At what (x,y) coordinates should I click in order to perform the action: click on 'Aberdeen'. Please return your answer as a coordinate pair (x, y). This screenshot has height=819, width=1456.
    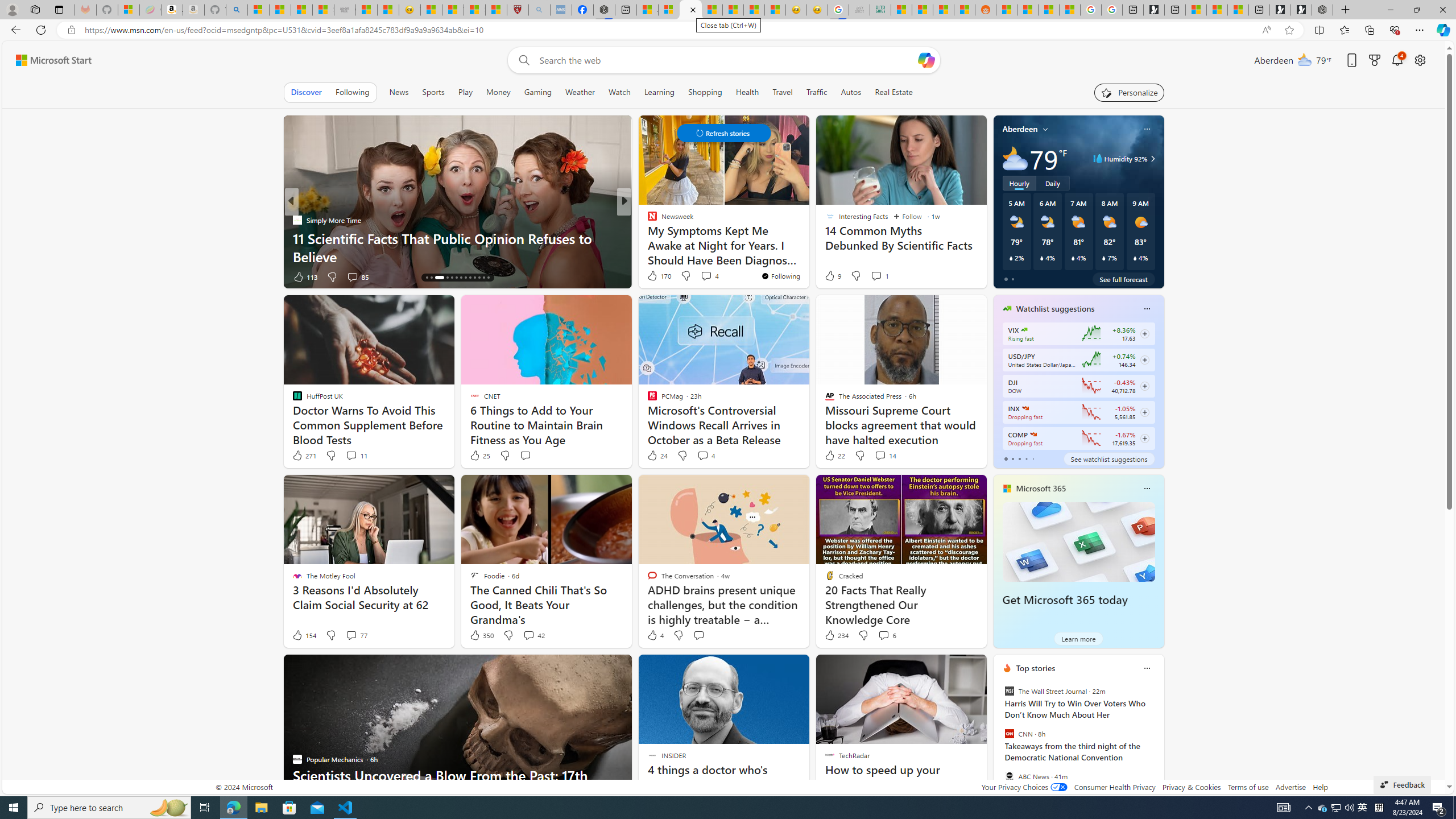
    Looking at the image, I should click on (1020, 128).